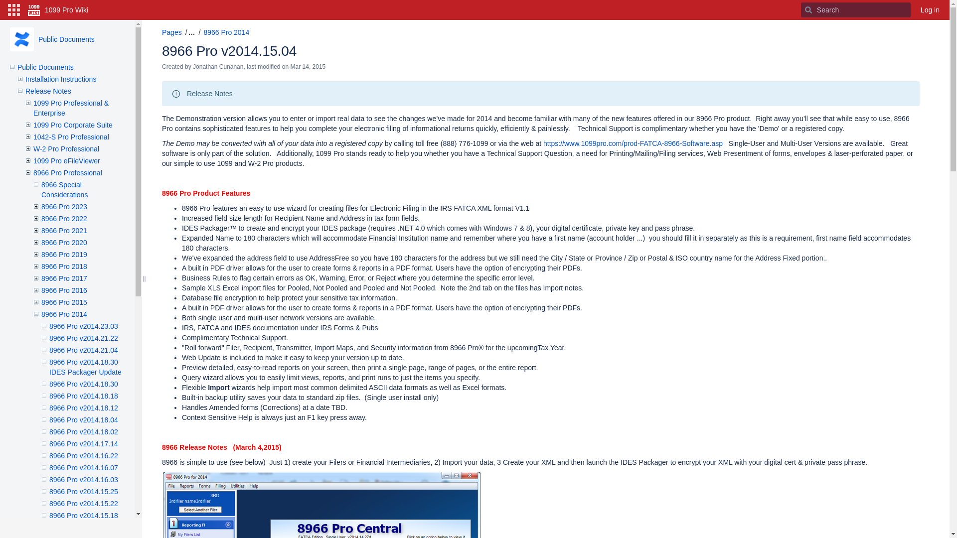 The image size is (957, 538). What do you see at coordinates (40, 266) in the screenshot?
I see `'8966 Pro 2018'` at bounding box center [40, 266].